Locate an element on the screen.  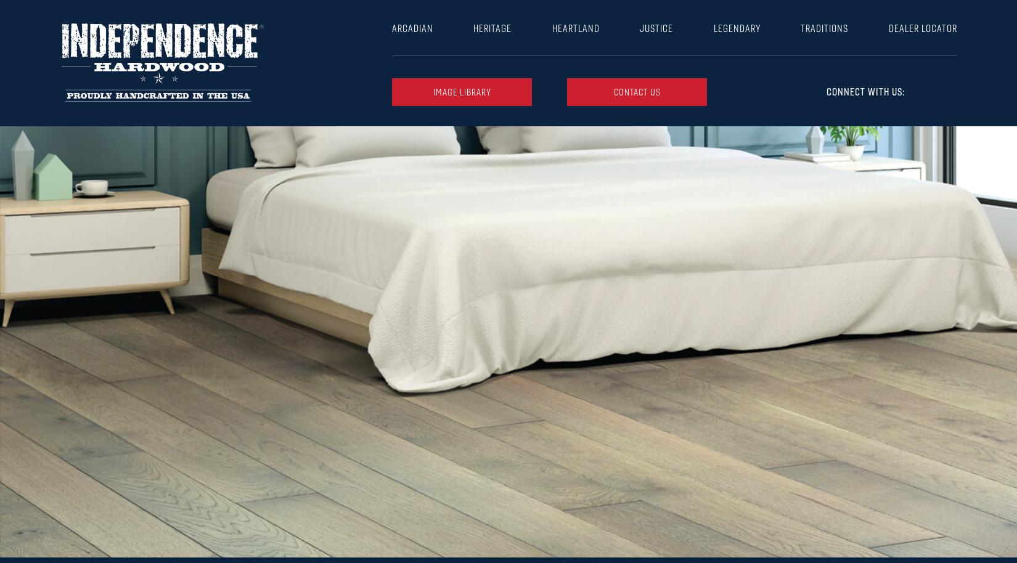
'Justice' is located at coordinates (656, 28).